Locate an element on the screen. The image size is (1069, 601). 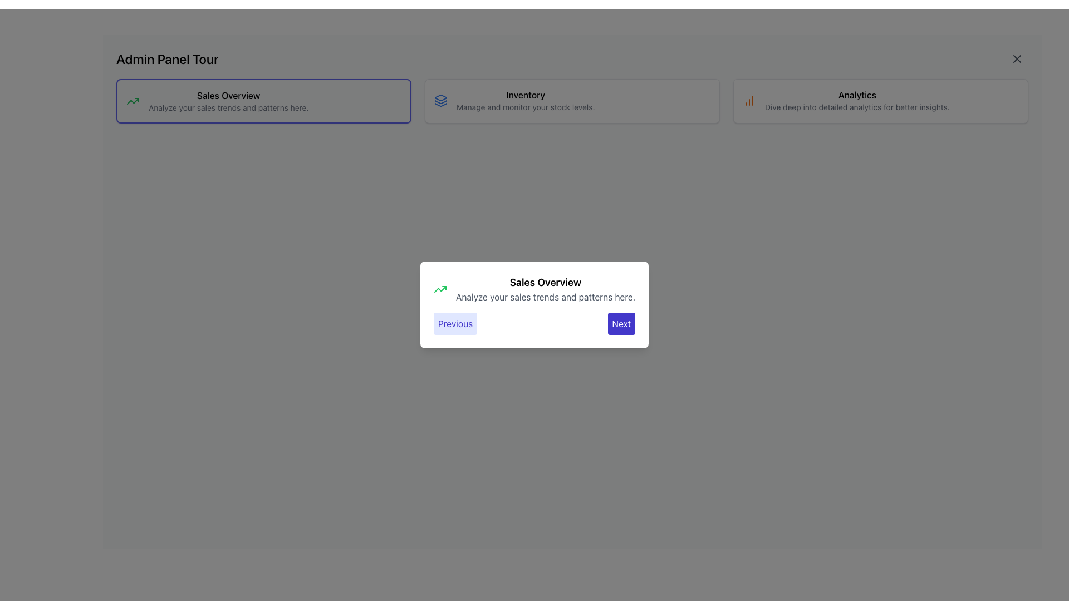
the 'Admin Panel Tour' text label, which is a large, bold header located near the top-left corner of the interface is located at coordinates (166, 58).